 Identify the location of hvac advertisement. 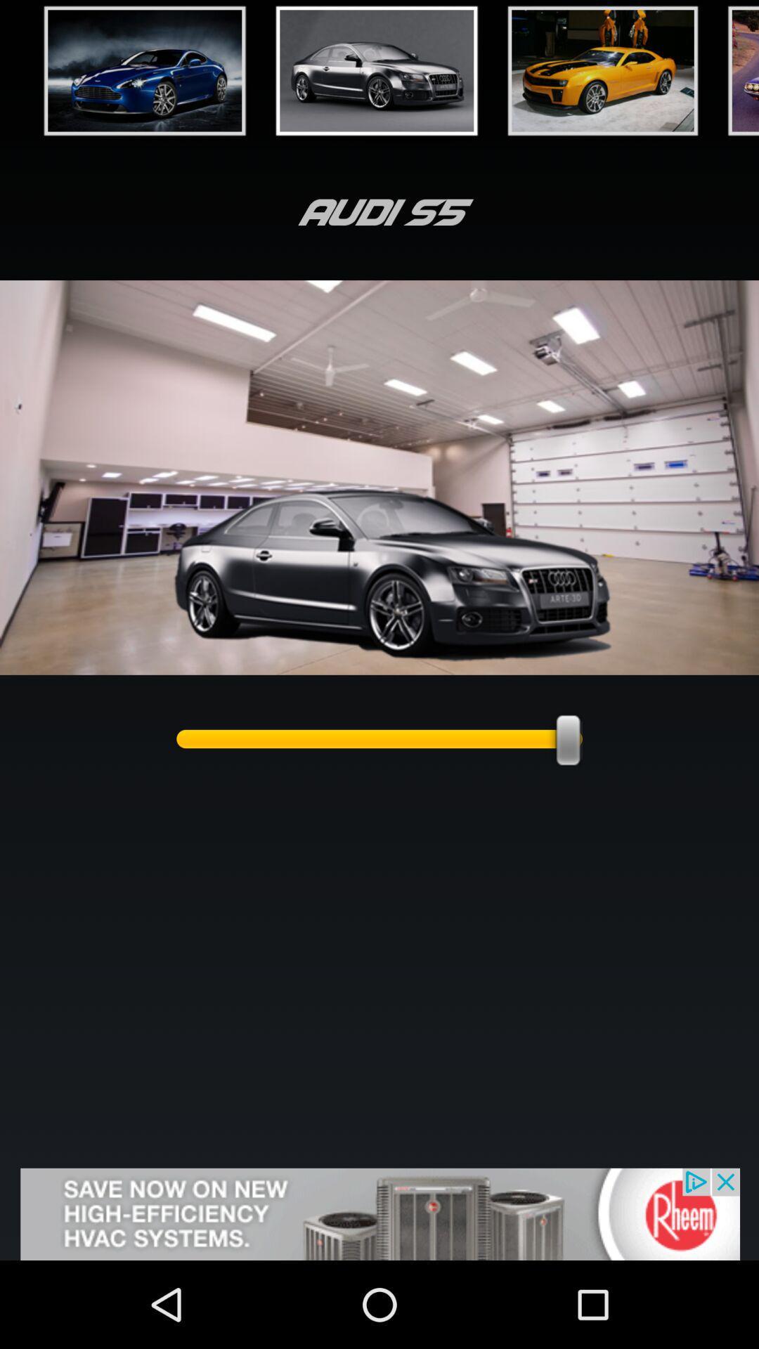
(379, 1213).